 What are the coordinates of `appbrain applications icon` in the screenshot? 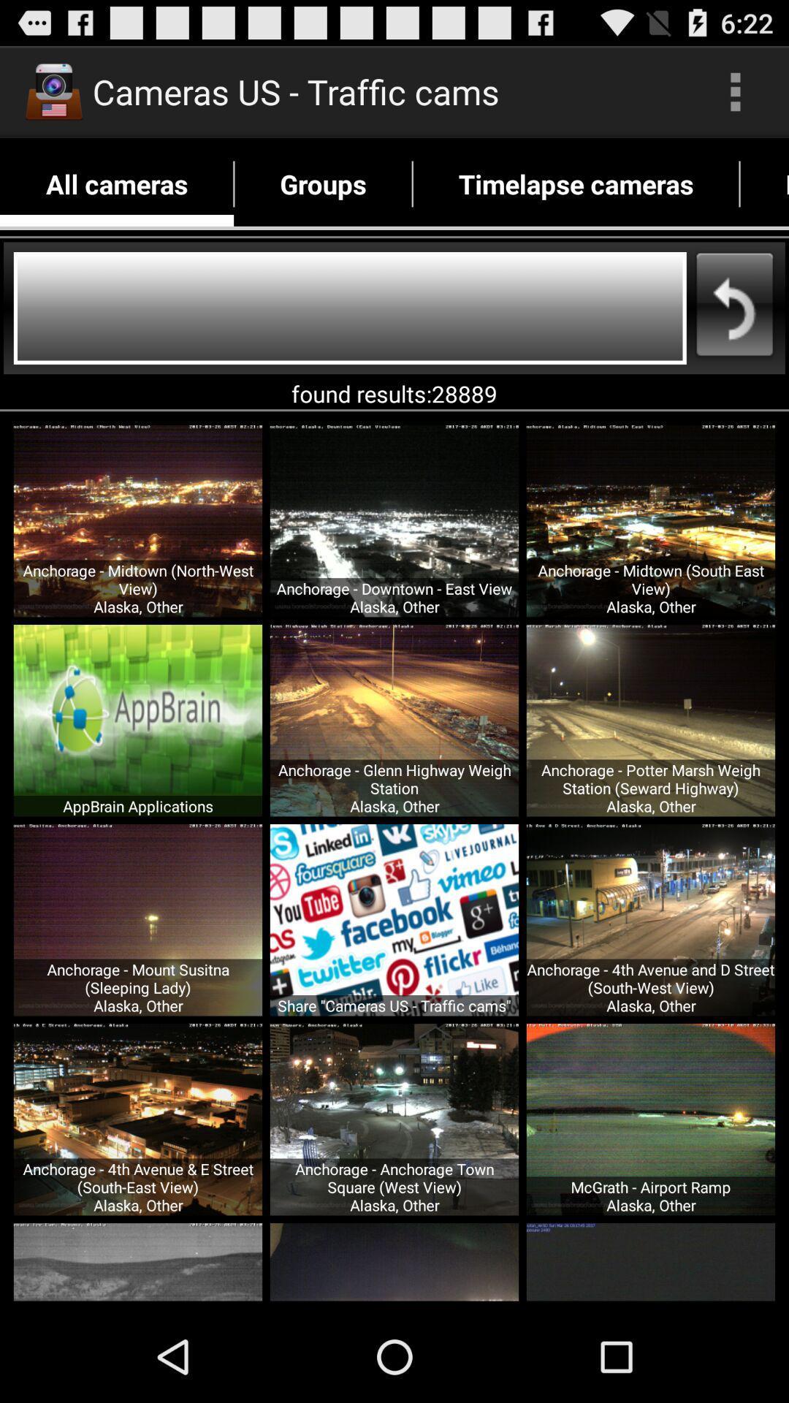 It's located at (138, 805).